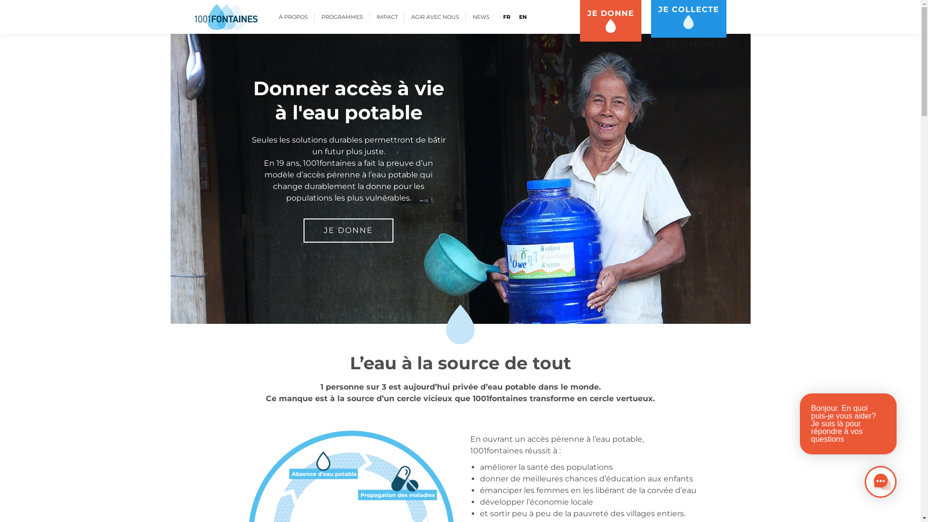 The image size is (928, 522). I want to click on 'JE DONNE', so click(303, 231).